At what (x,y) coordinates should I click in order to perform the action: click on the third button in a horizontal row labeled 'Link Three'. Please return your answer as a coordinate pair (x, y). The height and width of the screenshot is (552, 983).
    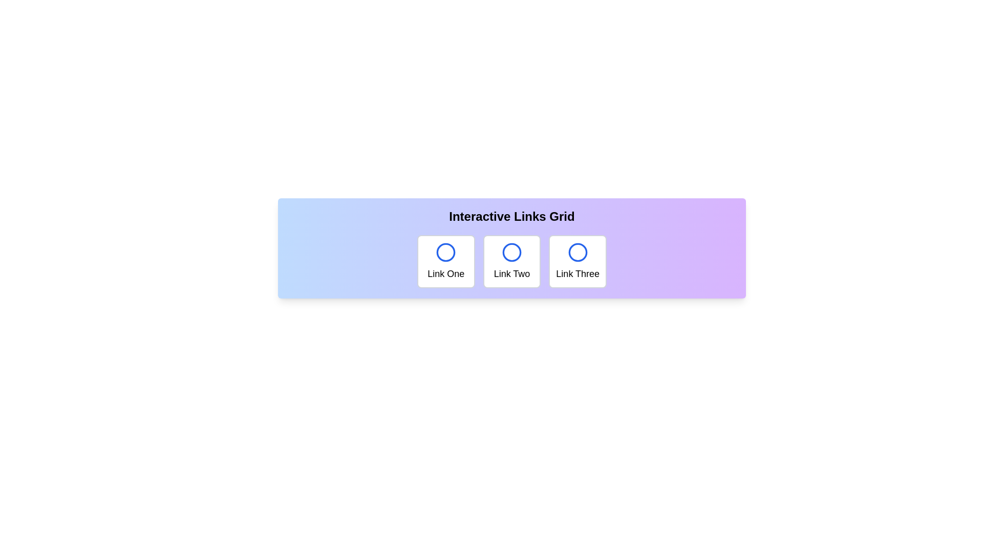
    Looking at the image, I should click on (578, 261).